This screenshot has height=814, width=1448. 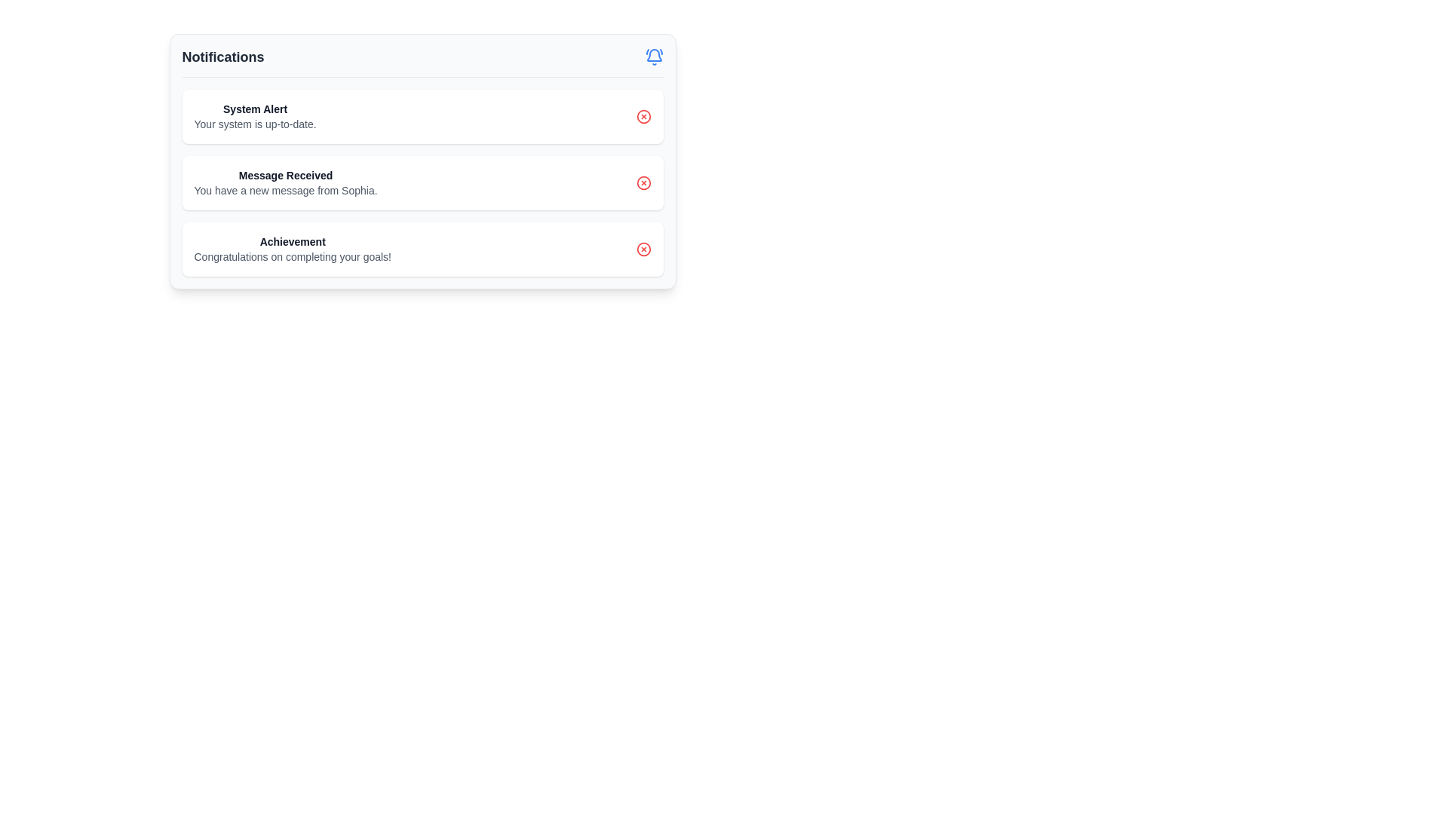 I want to click on notification titled 'Achievement' that appears as the third item in the notification list, featuring a bold title and a subtitle about completing goals, so click(x=293, y=249).